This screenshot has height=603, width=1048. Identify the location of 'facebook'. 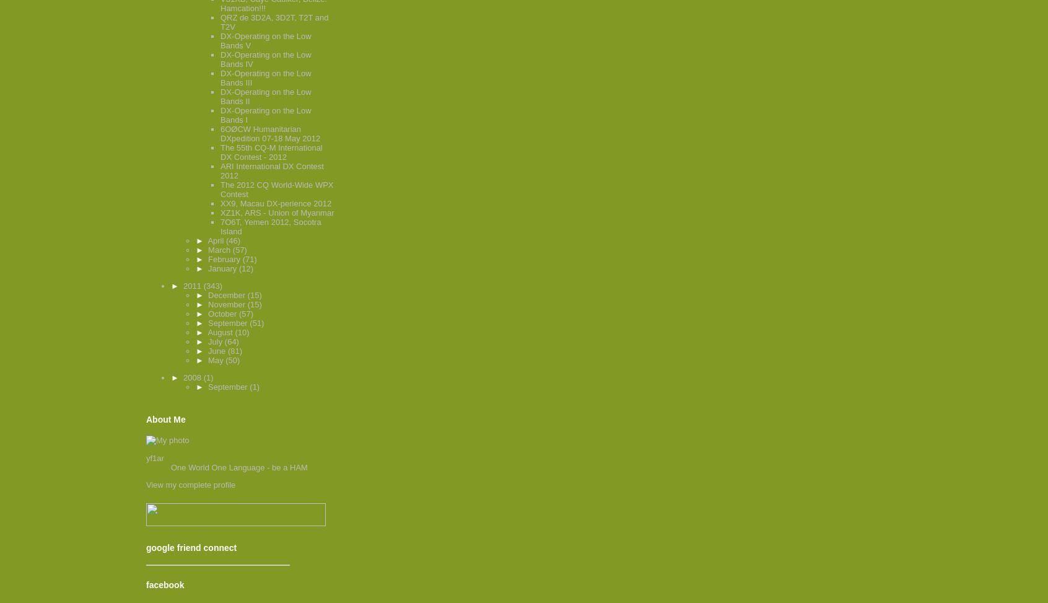
(146, 584).